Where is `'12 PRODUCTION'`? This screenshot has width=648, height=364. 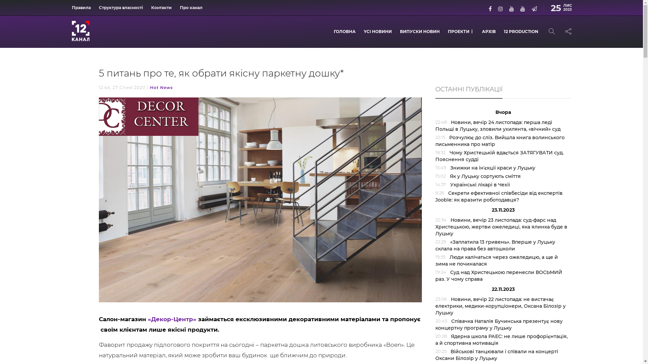 '12 PRODUCTION' is located at coordinates (520, 31).